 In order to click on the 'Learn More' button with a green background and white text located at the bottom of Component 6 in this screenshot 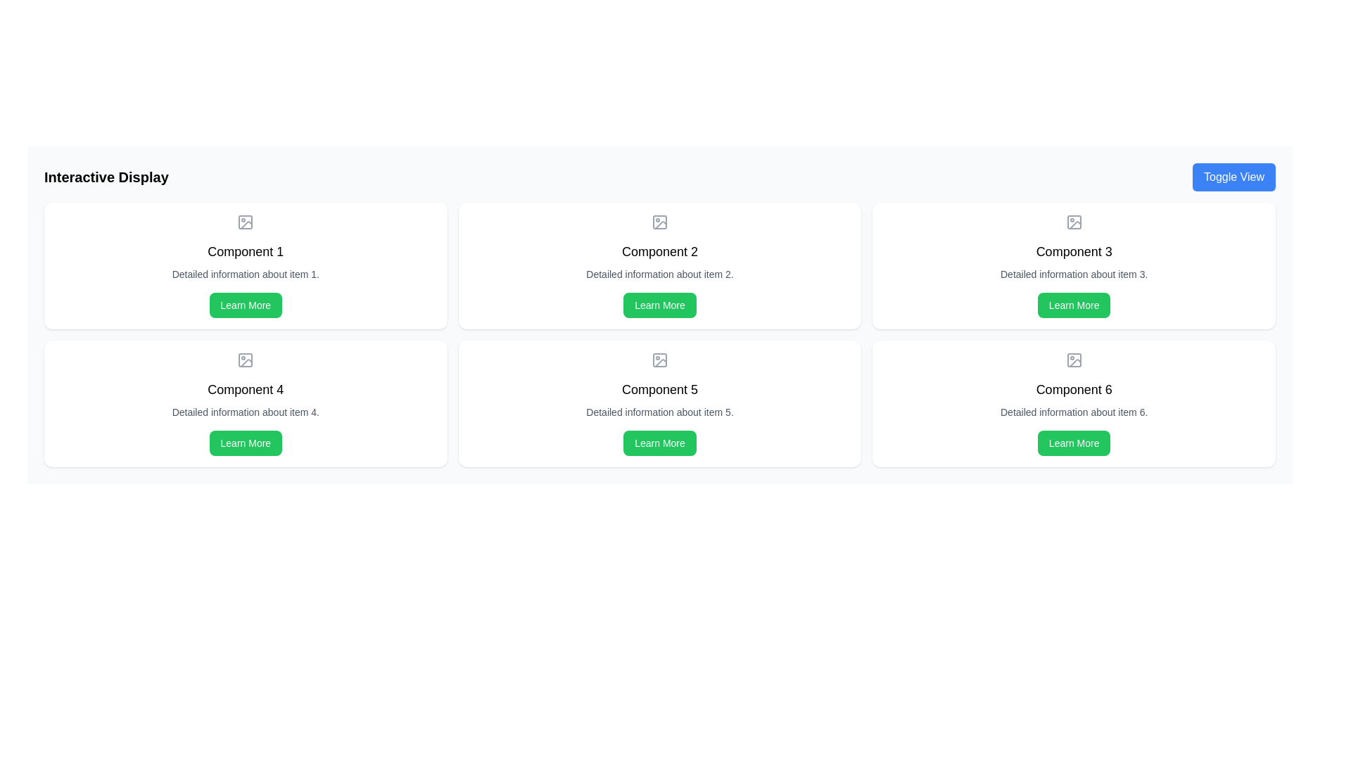, I will do `click(1073, 442)`.